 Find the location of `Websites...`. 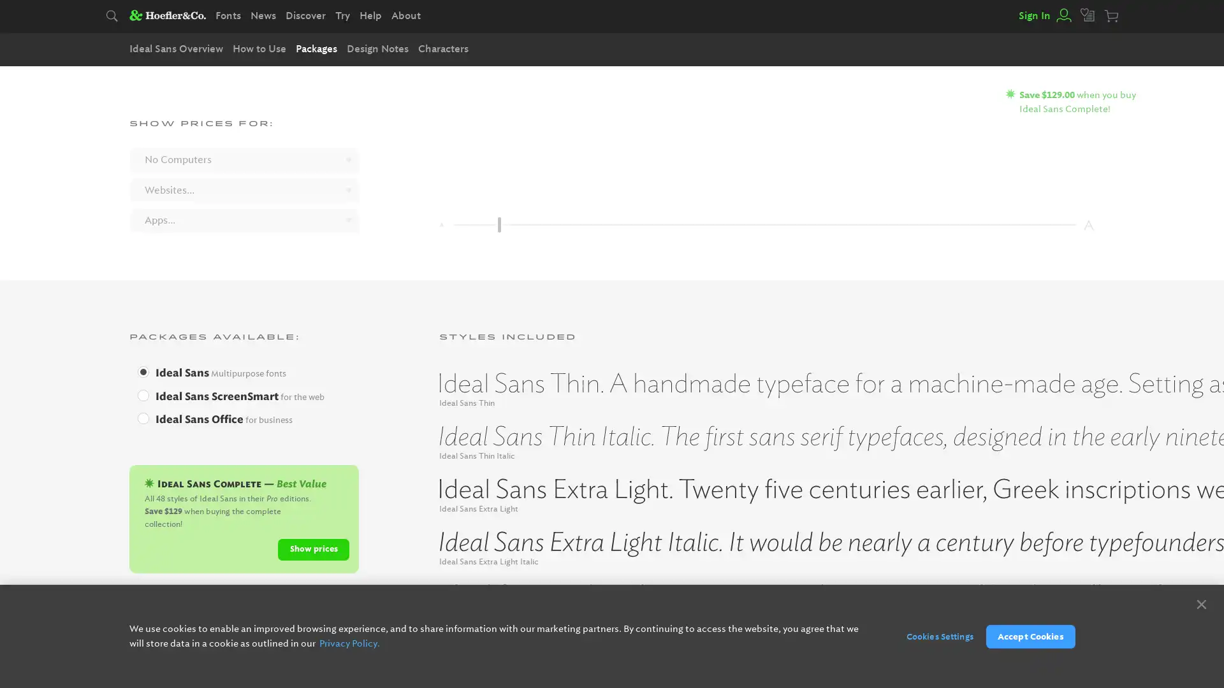

Websites... is located at coordinates (244, 190).